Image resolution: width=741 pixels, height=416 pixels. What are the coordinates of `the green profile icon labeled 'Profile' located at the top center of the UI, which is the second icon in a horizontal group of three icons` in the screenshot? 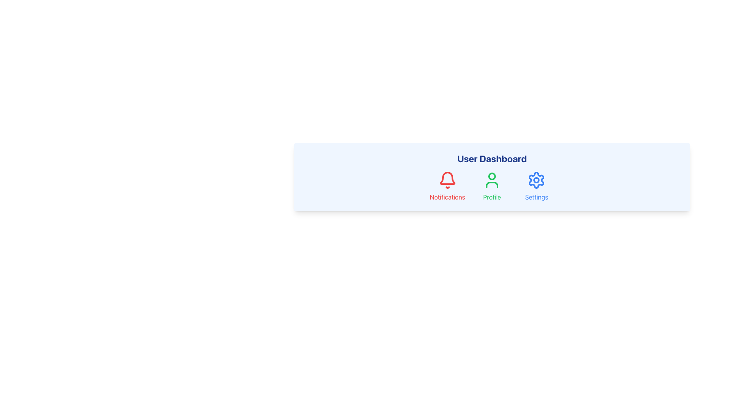 It's located at (492, 186).